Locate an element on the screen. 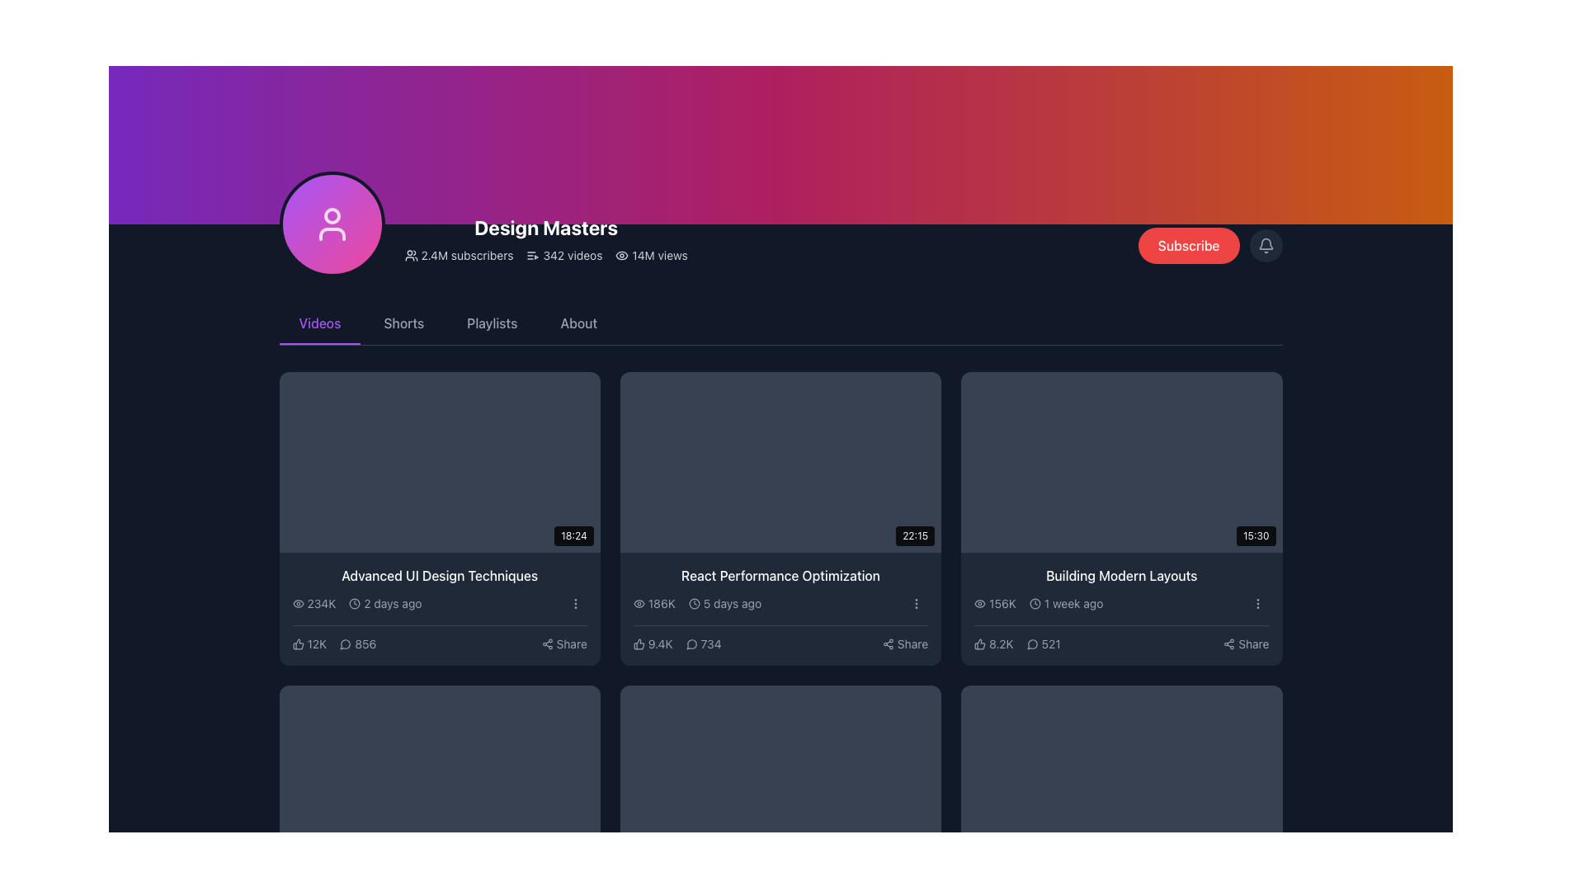 This screenshot has height=891, width=1584. the video thumbnail in the second column, first row of the video grid under the 'Videos' tab to play the associated video is located at coordinates (780, 462).